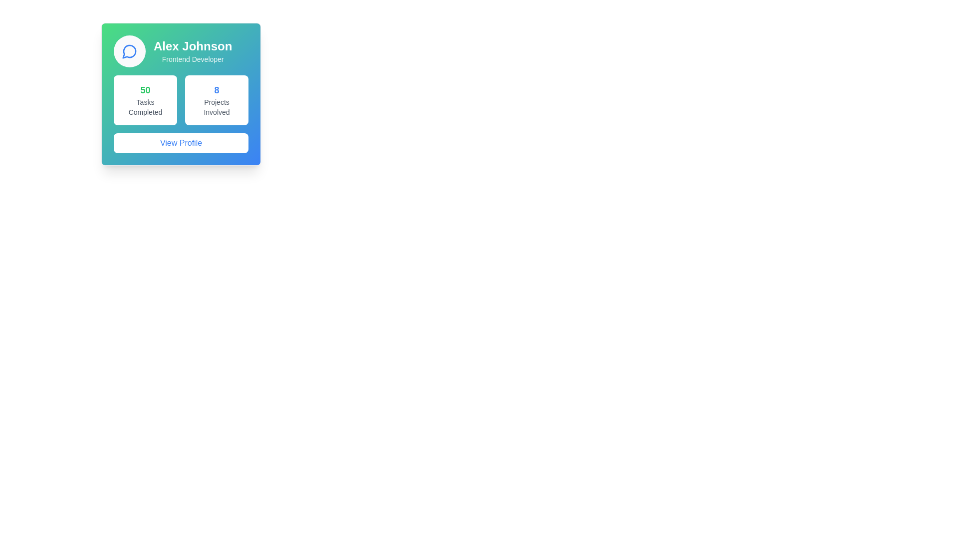  I want to click on the Information display panel containing two statistic cards located below the title 'Alex Johnson, Frontend Developer' and above the 'View Profile' button, so click(181, 100).